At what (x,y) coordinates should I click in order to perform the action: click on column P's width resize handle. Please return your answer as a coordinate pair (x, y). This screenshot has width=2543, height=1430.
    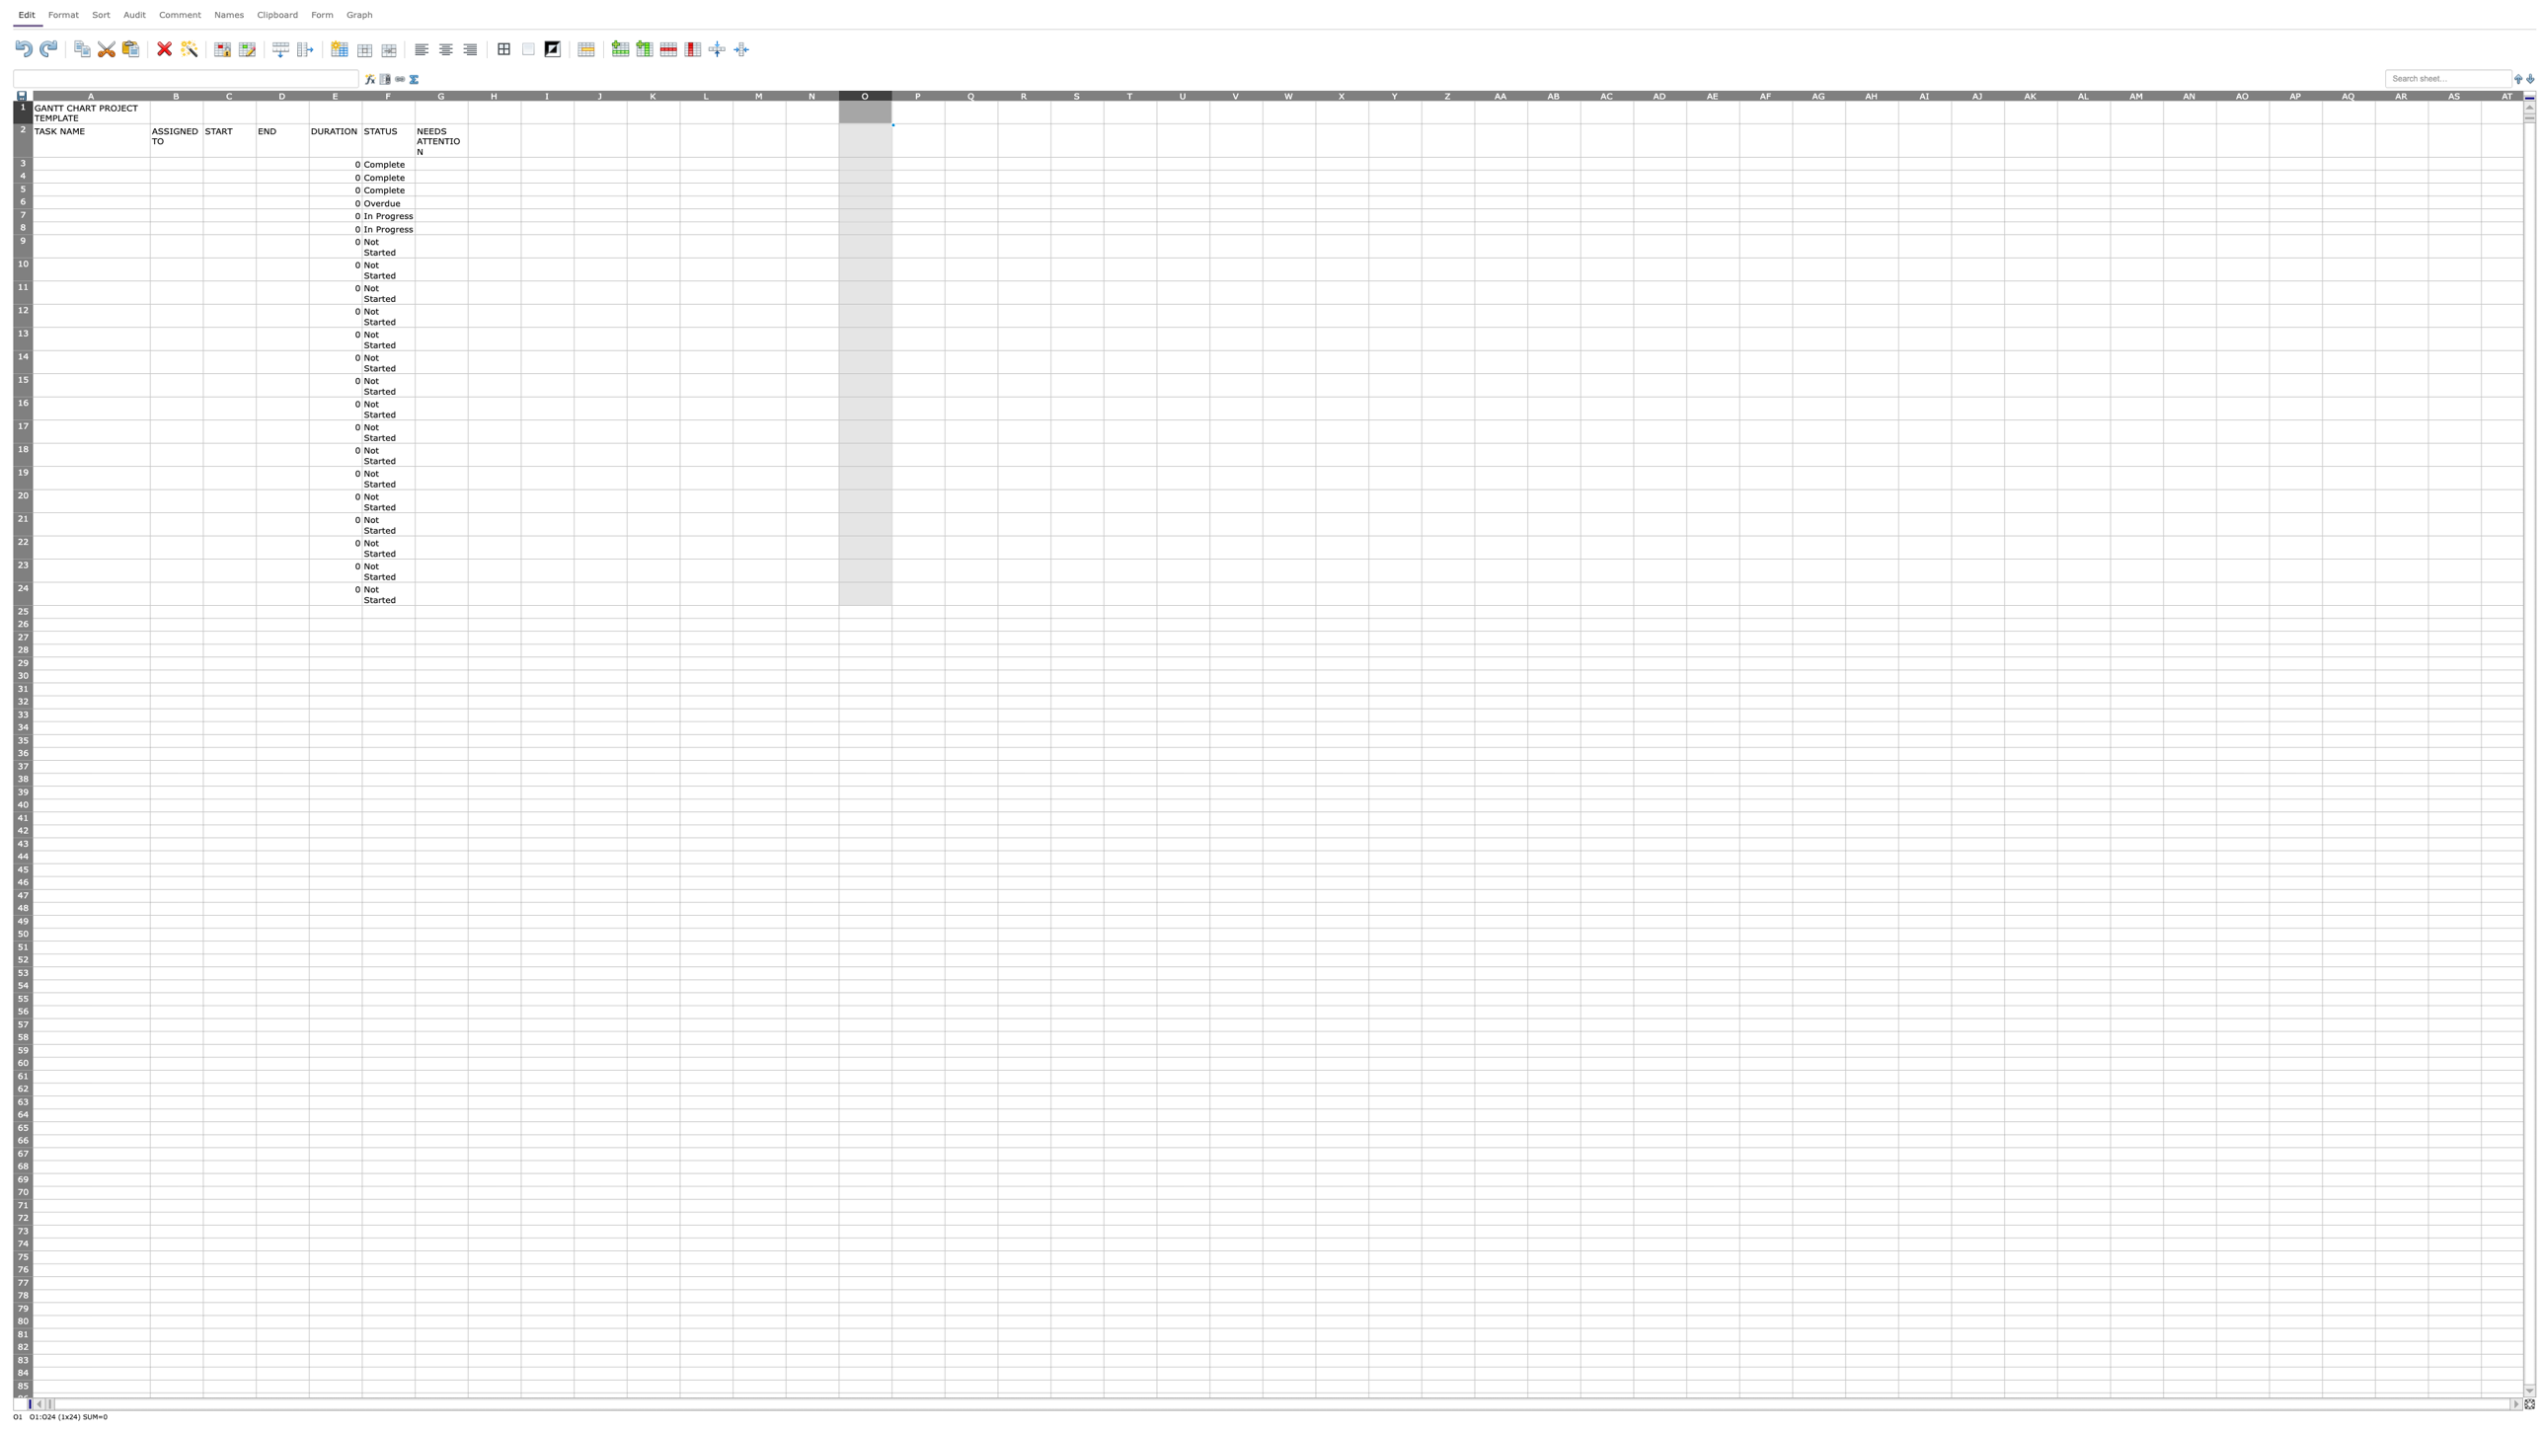
    Looking at the image, I should click on (944, 94).